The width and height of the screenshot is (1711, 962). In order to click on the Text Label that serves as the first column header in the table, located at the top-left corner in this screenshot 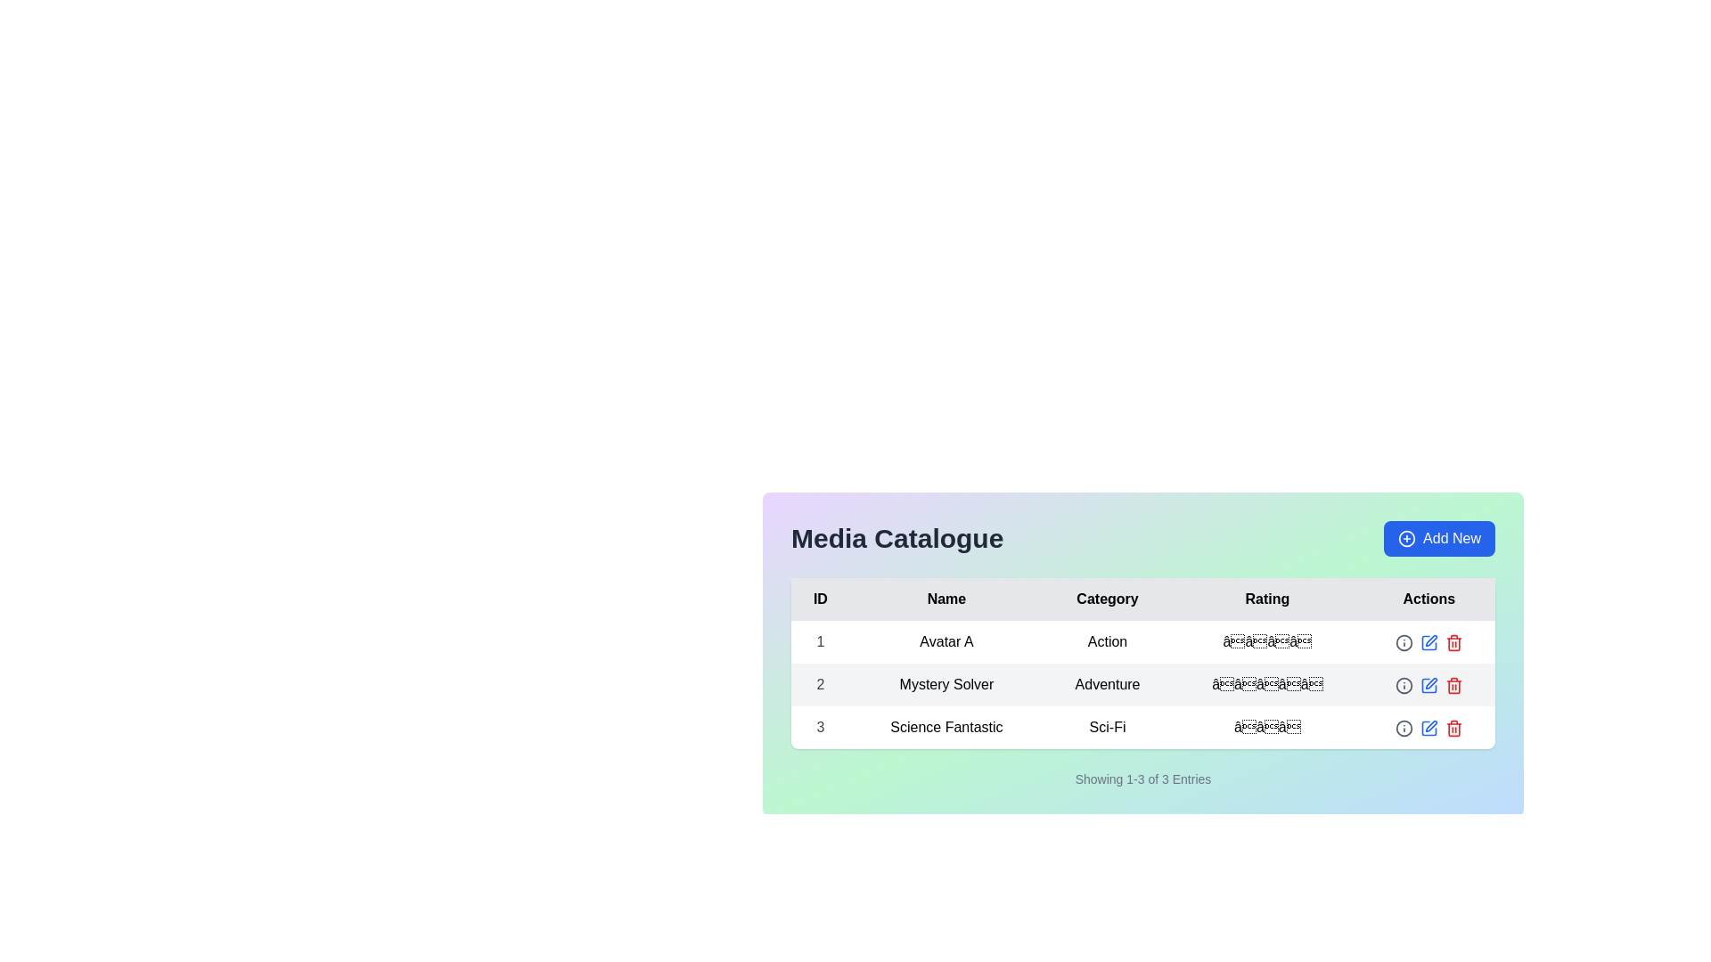, I will do `click(820, 599)`.